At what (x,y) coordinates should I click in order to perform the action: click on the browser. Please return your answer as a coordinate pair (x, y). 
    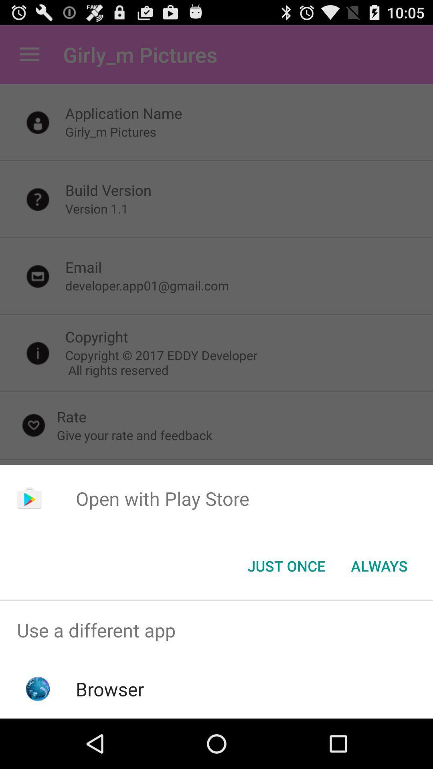
    Looking at the image, I should click on (110, 688).